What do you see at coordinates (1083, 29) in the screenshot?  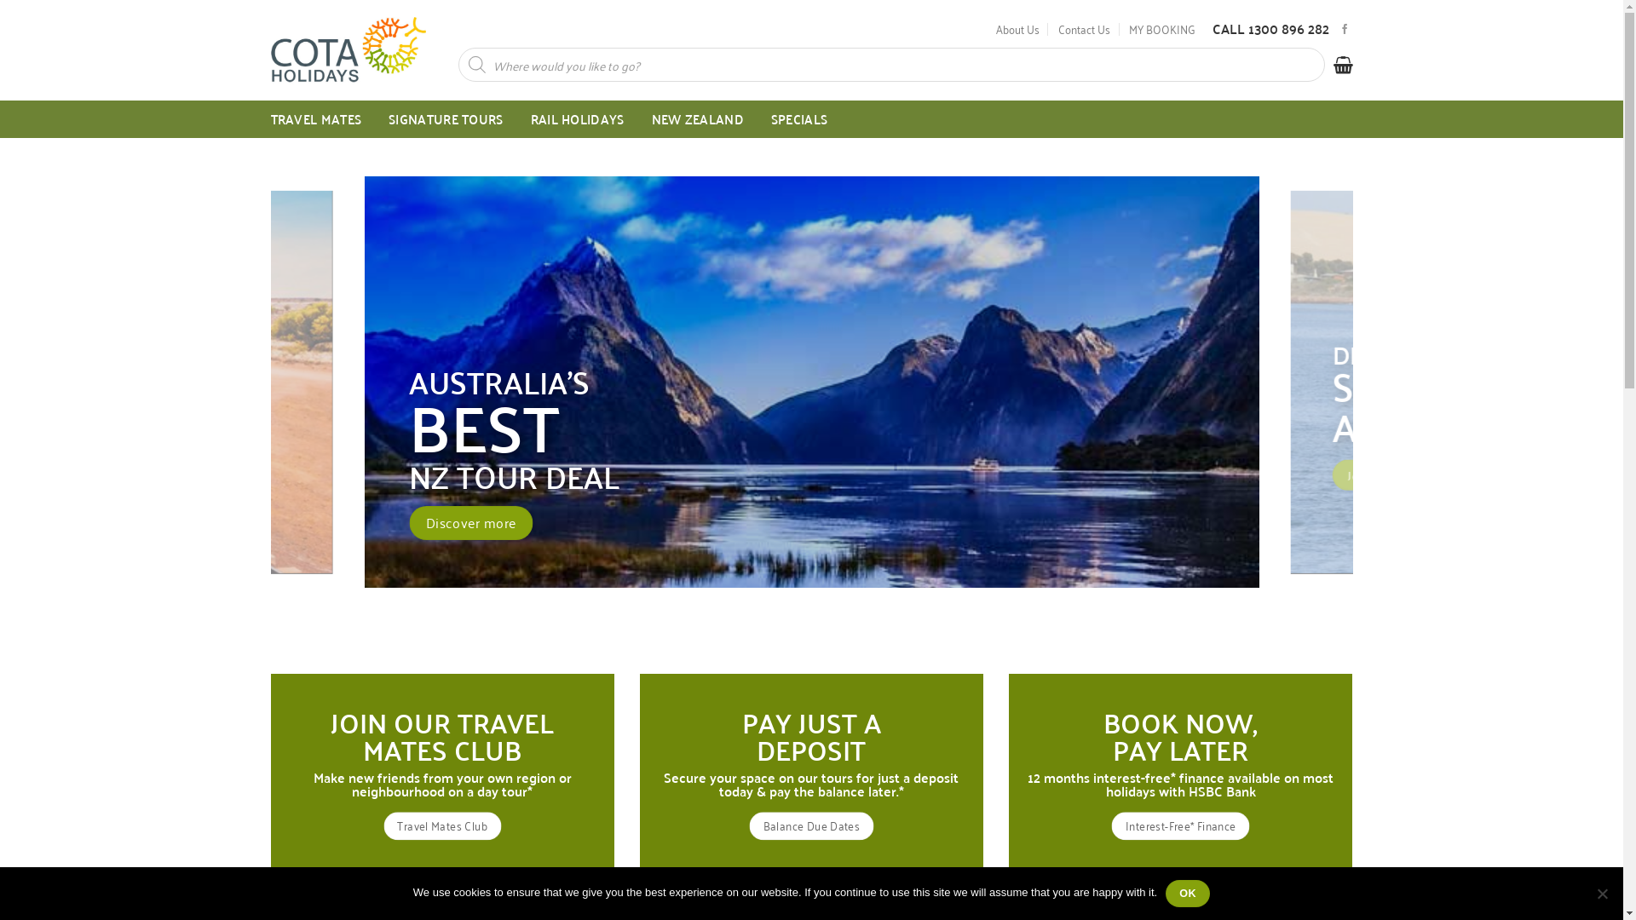 I see `'Contact Us'` at bounding box center [1083, 29].